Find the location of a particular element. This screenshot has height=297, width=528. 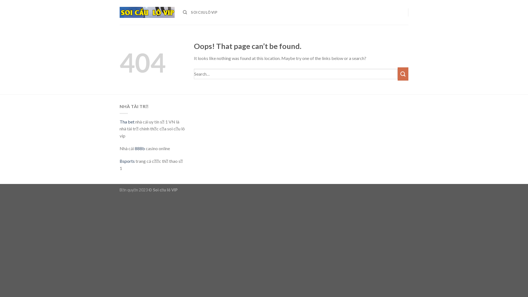

'Tha bet' is located at coordinates (127, 121).